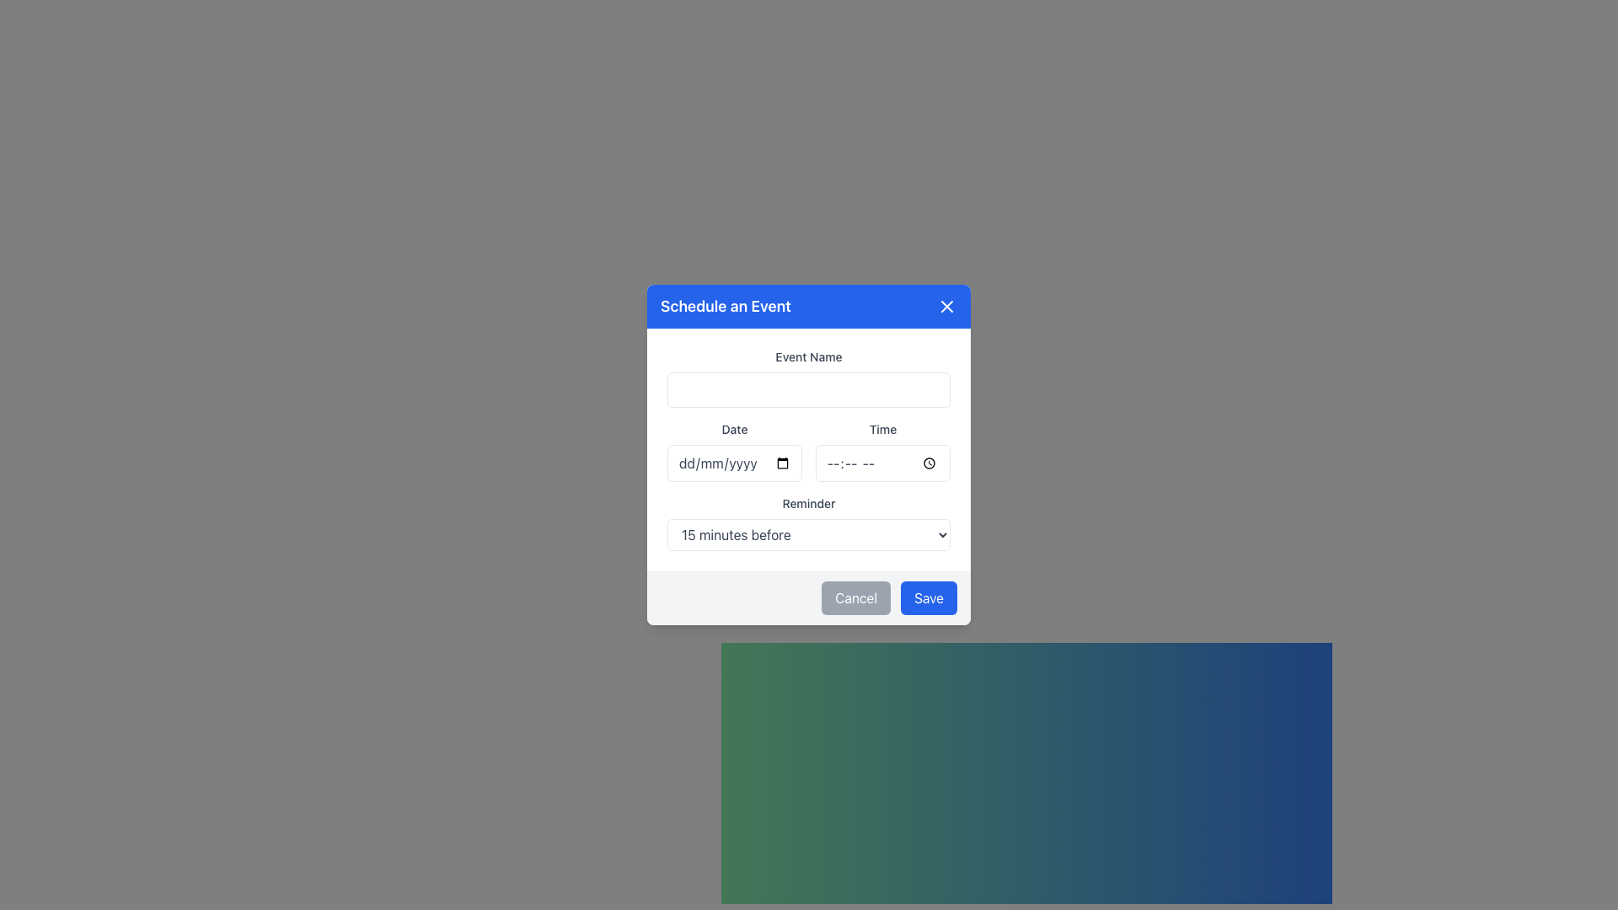 This screenshot has height=910, width=1618. What do you see at coordinates (856, 597) in the screenshot?
I see `the cancel button located at the bottom-right corner of the dialog box` at bounding box center [856, 597].